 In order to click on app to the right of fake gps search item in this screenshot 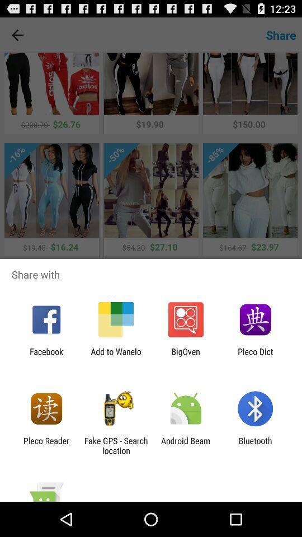, I will do `click(186, 445)`.